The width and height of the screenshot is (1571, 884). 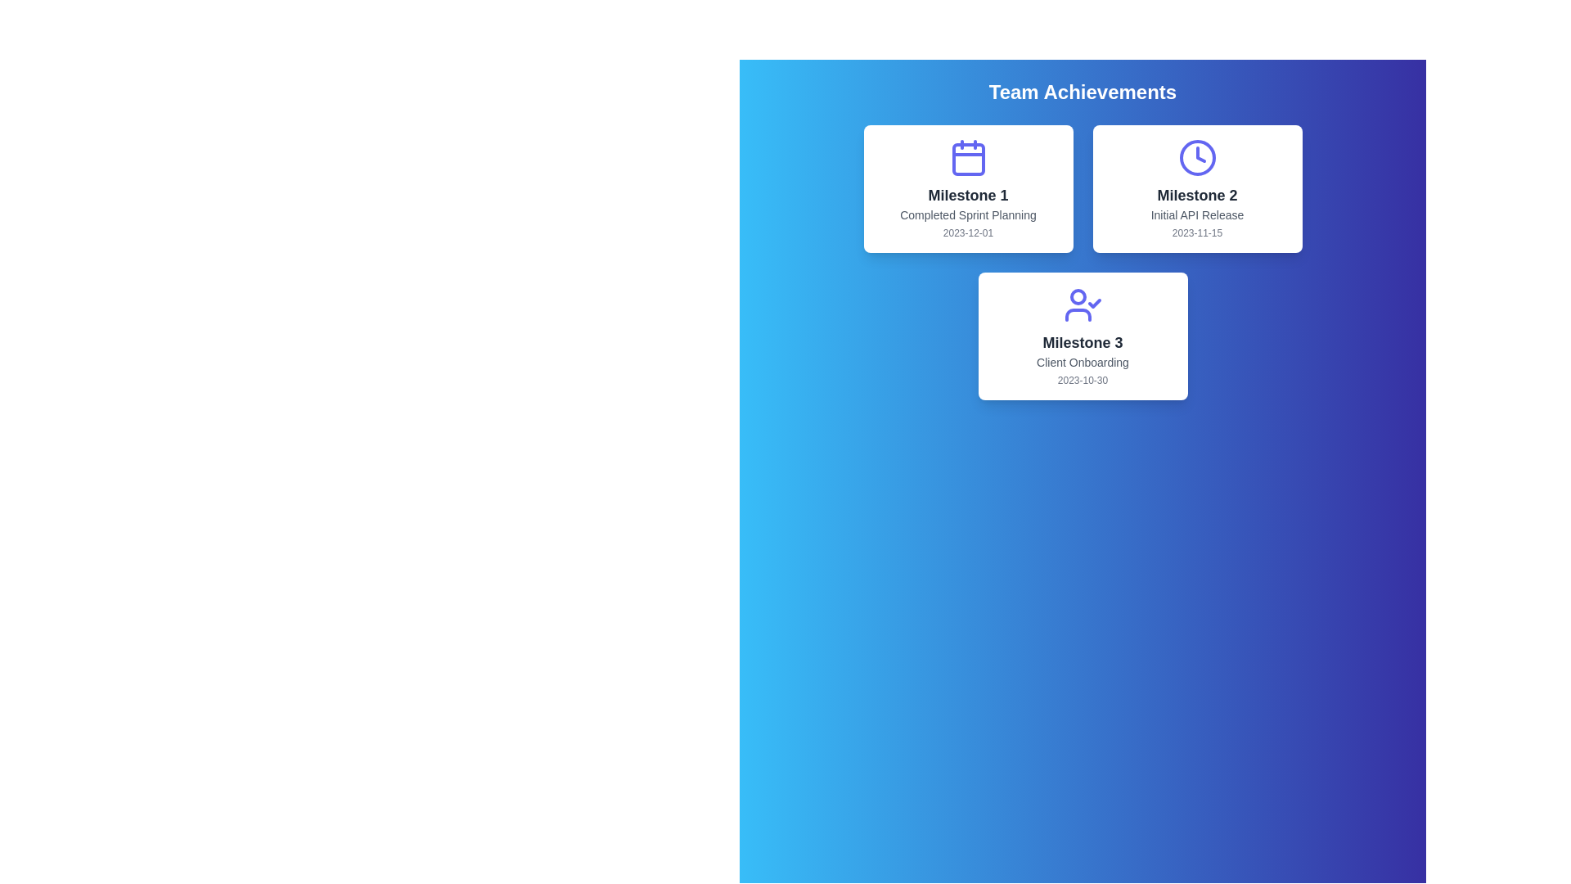 I want to click on the SVG rectangle that represents the calendar base within the 'Milestone 1' card in the 'Team Achievements' section, which serves as a decorative element related to dates and schedules, so click(x=968, y=160).